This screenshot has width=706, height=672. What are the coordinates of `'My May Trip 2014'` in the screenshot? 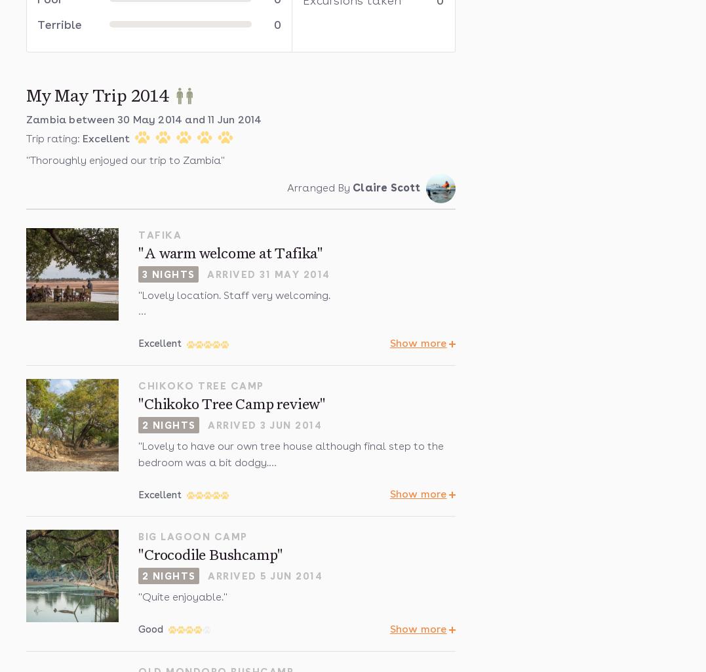 It's located at (97, 95).